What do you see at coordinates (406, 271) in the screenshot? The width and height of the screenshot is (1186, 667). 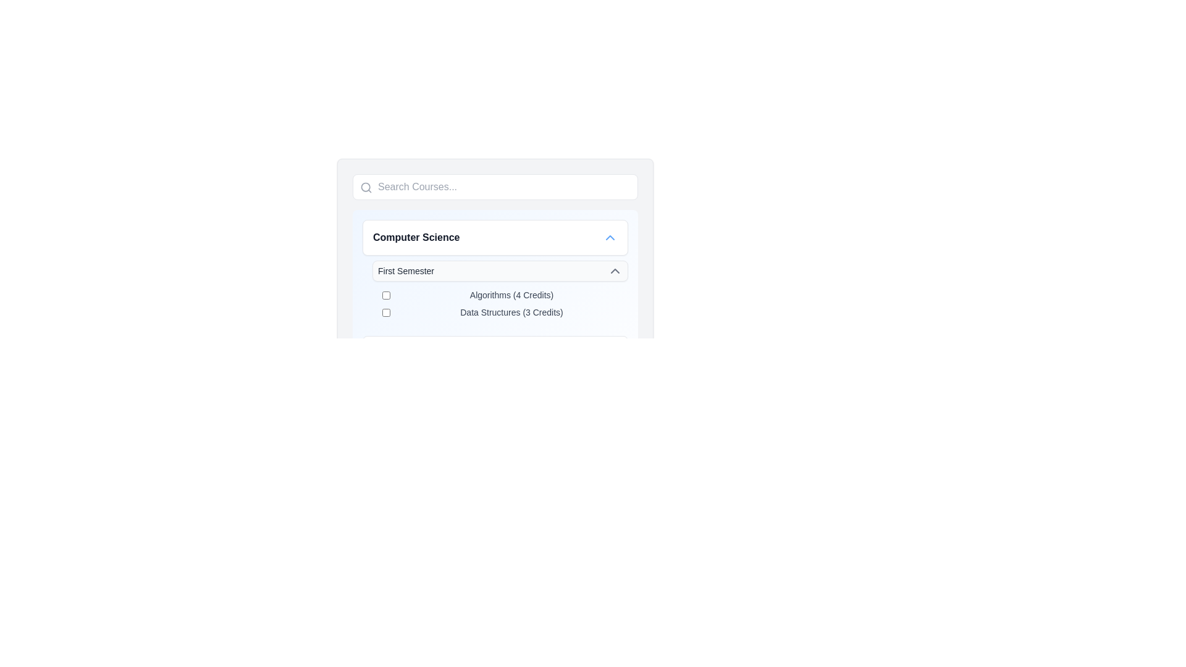 I see `the static text label that serves as a title for the collapsible section located below the heading 'Computer Science' and above a list of course options` at bounding box center [406, 271].